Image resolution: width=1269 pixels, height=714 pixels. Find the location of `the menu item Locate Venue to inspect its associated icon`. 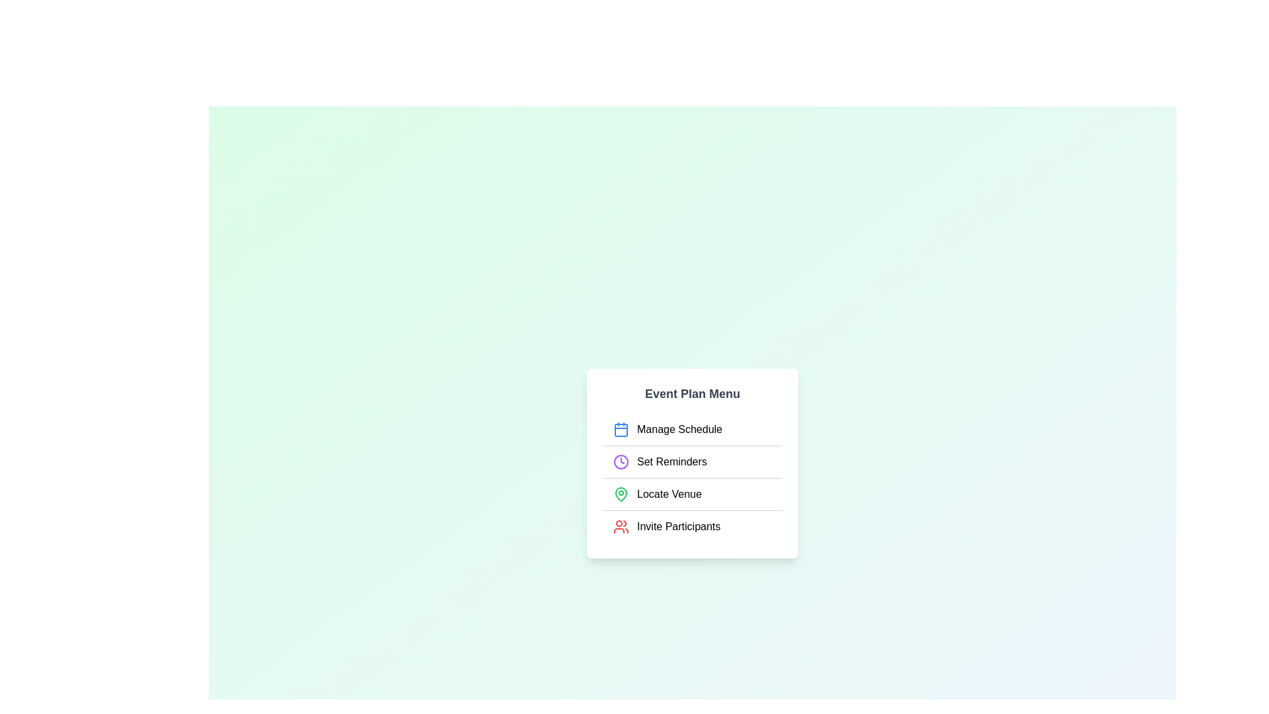

the menu item Locate Venue to inspect its associated icon is located at coordinates (621, 494).